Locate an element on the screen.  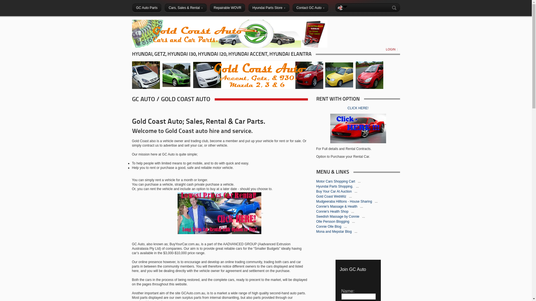
'Gold Coast WebWiz' is located at coordinates (331, 196).